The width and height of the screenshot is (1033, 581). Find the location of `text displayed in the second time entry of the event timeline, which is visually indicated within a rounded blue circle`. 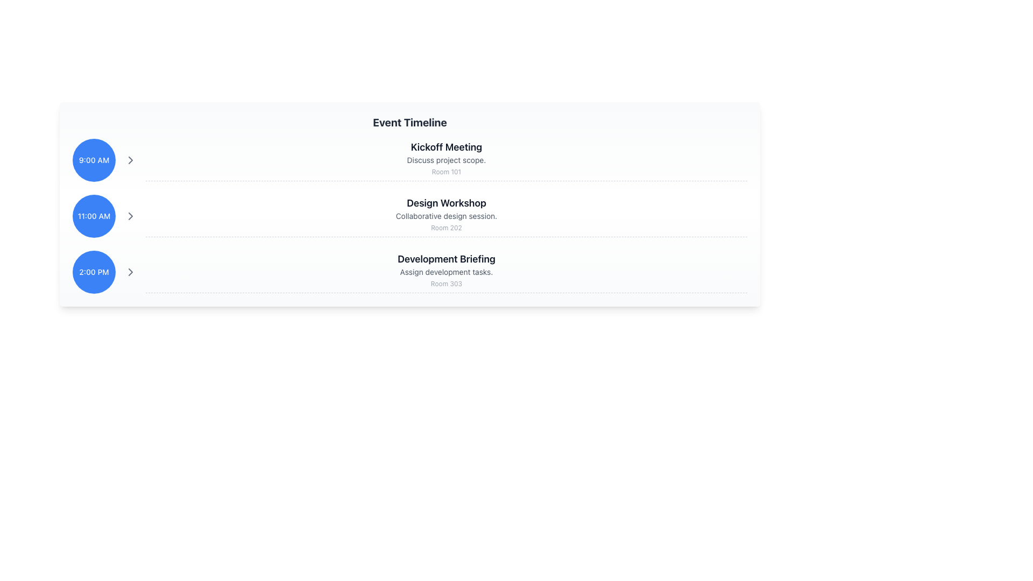

text displayed in the second time entry of the event timeline, which is visually indicated within a rounded blue circle is located at coordinates (94, 216).